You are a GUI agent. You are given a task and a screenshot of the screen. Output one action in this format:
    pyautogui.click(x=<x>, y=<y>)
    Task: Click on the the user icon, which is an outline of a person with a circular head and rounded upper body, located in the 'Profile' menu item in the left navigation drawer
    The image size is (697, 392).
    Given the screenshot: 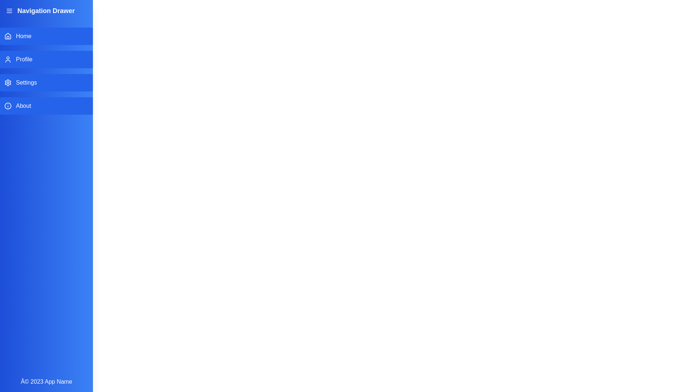 What is the action you would take?
    pyautogui.click(x=8, y=59)
    